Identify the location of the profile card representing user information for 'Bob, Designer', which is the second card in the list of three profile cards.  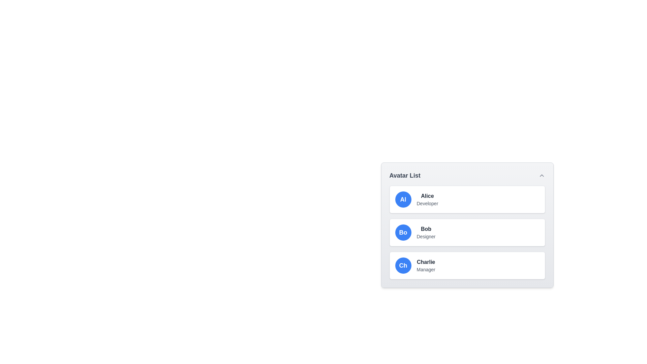
(467, 232).